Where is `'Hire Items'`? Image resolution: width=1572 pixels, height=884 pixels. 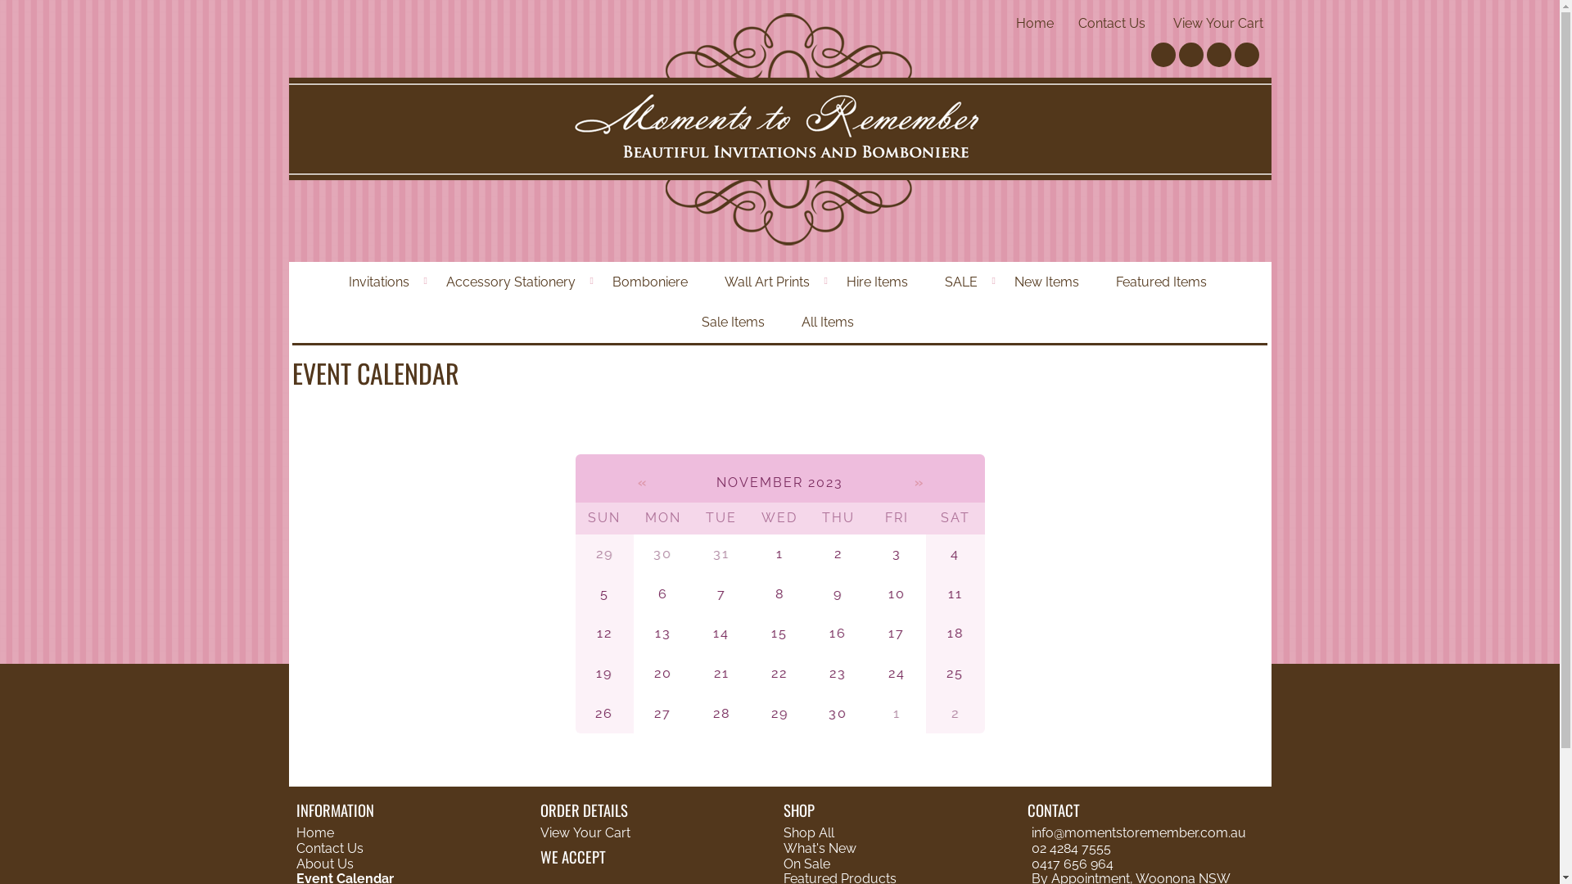
'Hire Items' is located at coordinates (879, 282).